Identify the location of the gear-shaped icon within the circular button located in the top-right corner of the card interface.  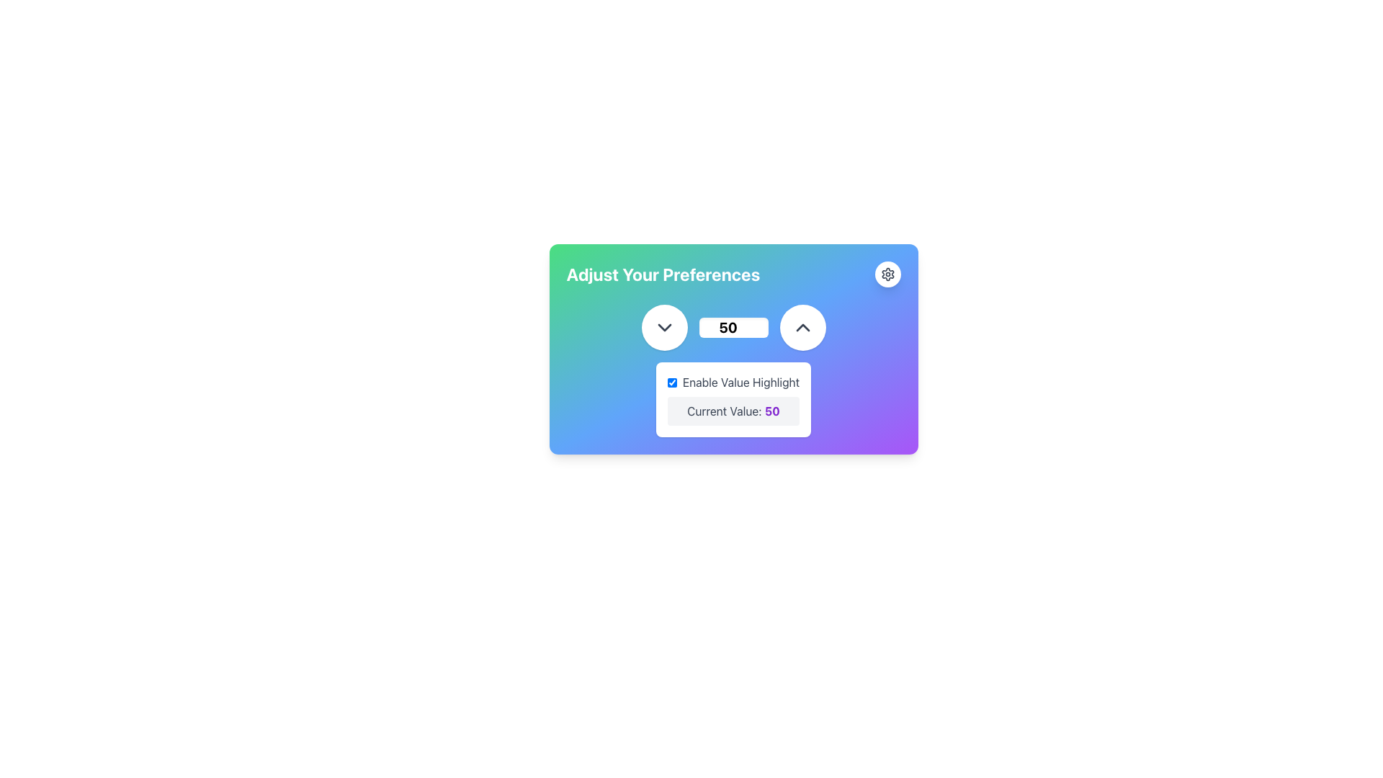
(887, 274).